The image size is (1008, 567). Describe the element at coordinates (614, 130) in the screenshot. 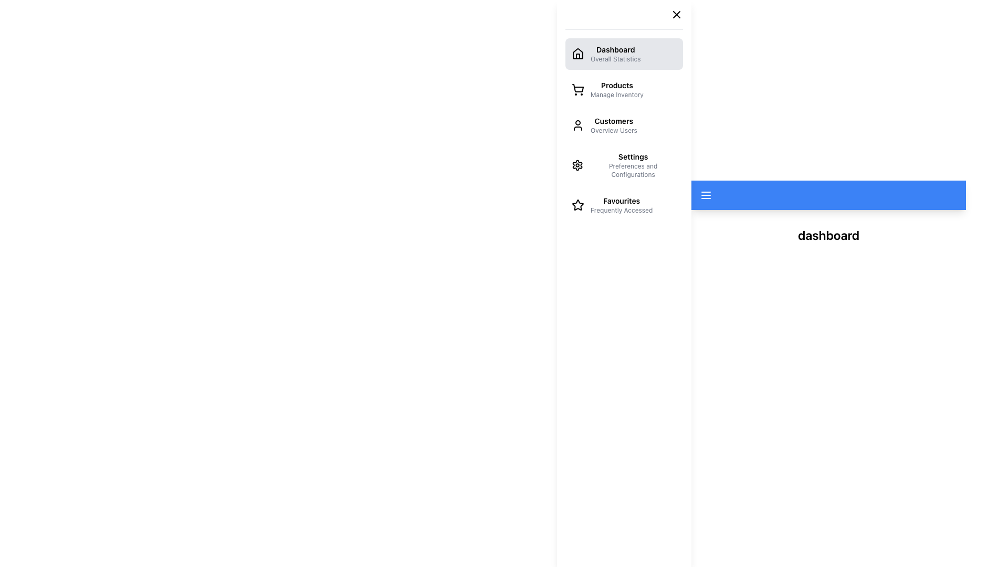

I see `the informational static text label beneath the 'Customers' menu item in the sidebar menu` at that location.